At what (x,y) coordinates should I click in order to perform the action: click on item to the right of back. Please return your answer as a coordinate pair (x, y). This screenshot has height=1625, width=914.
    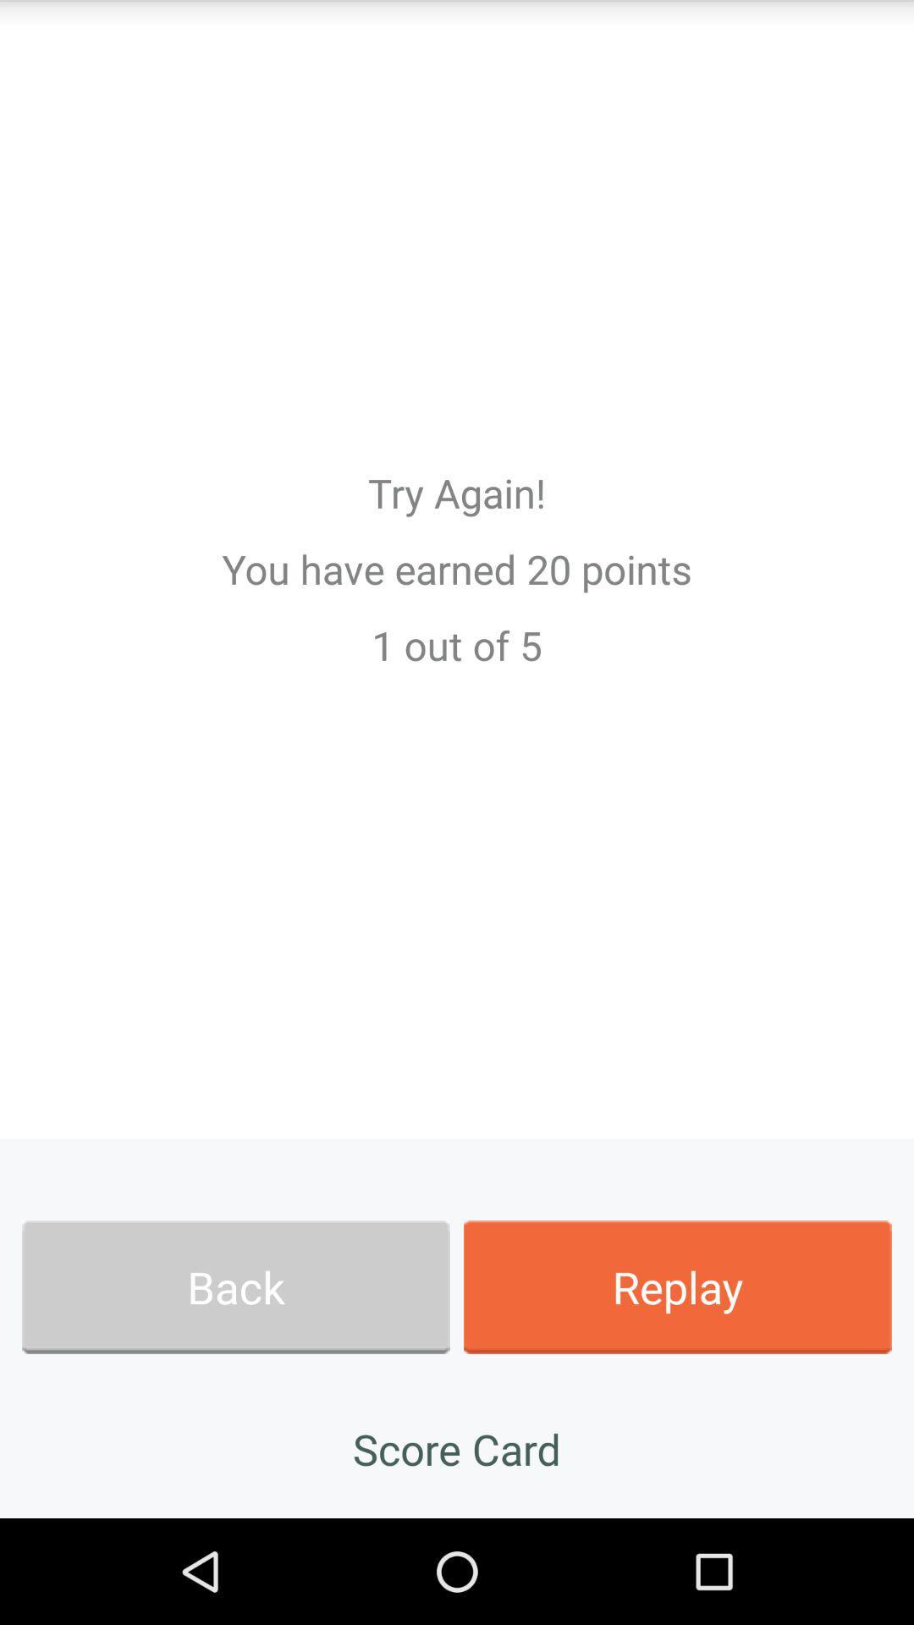
    Looking at the image, I should click on (677, 1286).